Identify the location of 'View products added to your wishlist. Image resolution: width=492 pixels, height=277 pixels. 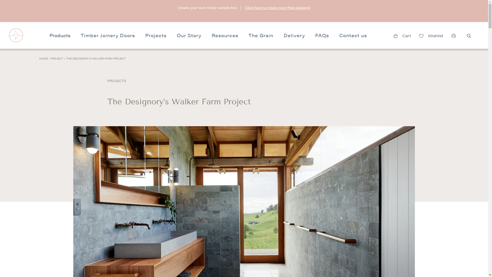
(430, 35).